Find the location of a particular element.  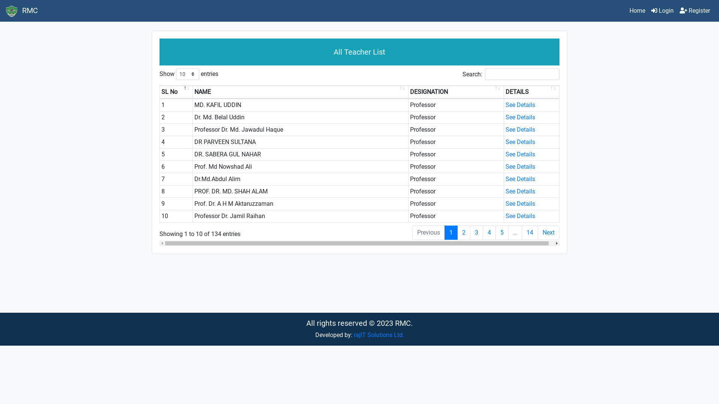

'See Details' is located at coordinates (520, 203).